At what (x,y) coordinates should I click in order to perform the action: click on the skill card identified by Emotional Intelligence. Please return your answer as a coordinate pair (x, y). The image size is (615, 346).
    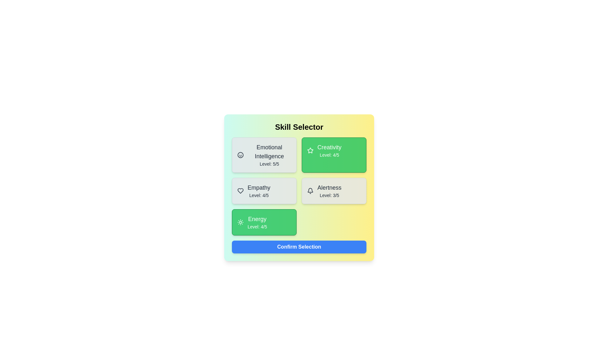
    Looking at the image, I should click on (264, 155).